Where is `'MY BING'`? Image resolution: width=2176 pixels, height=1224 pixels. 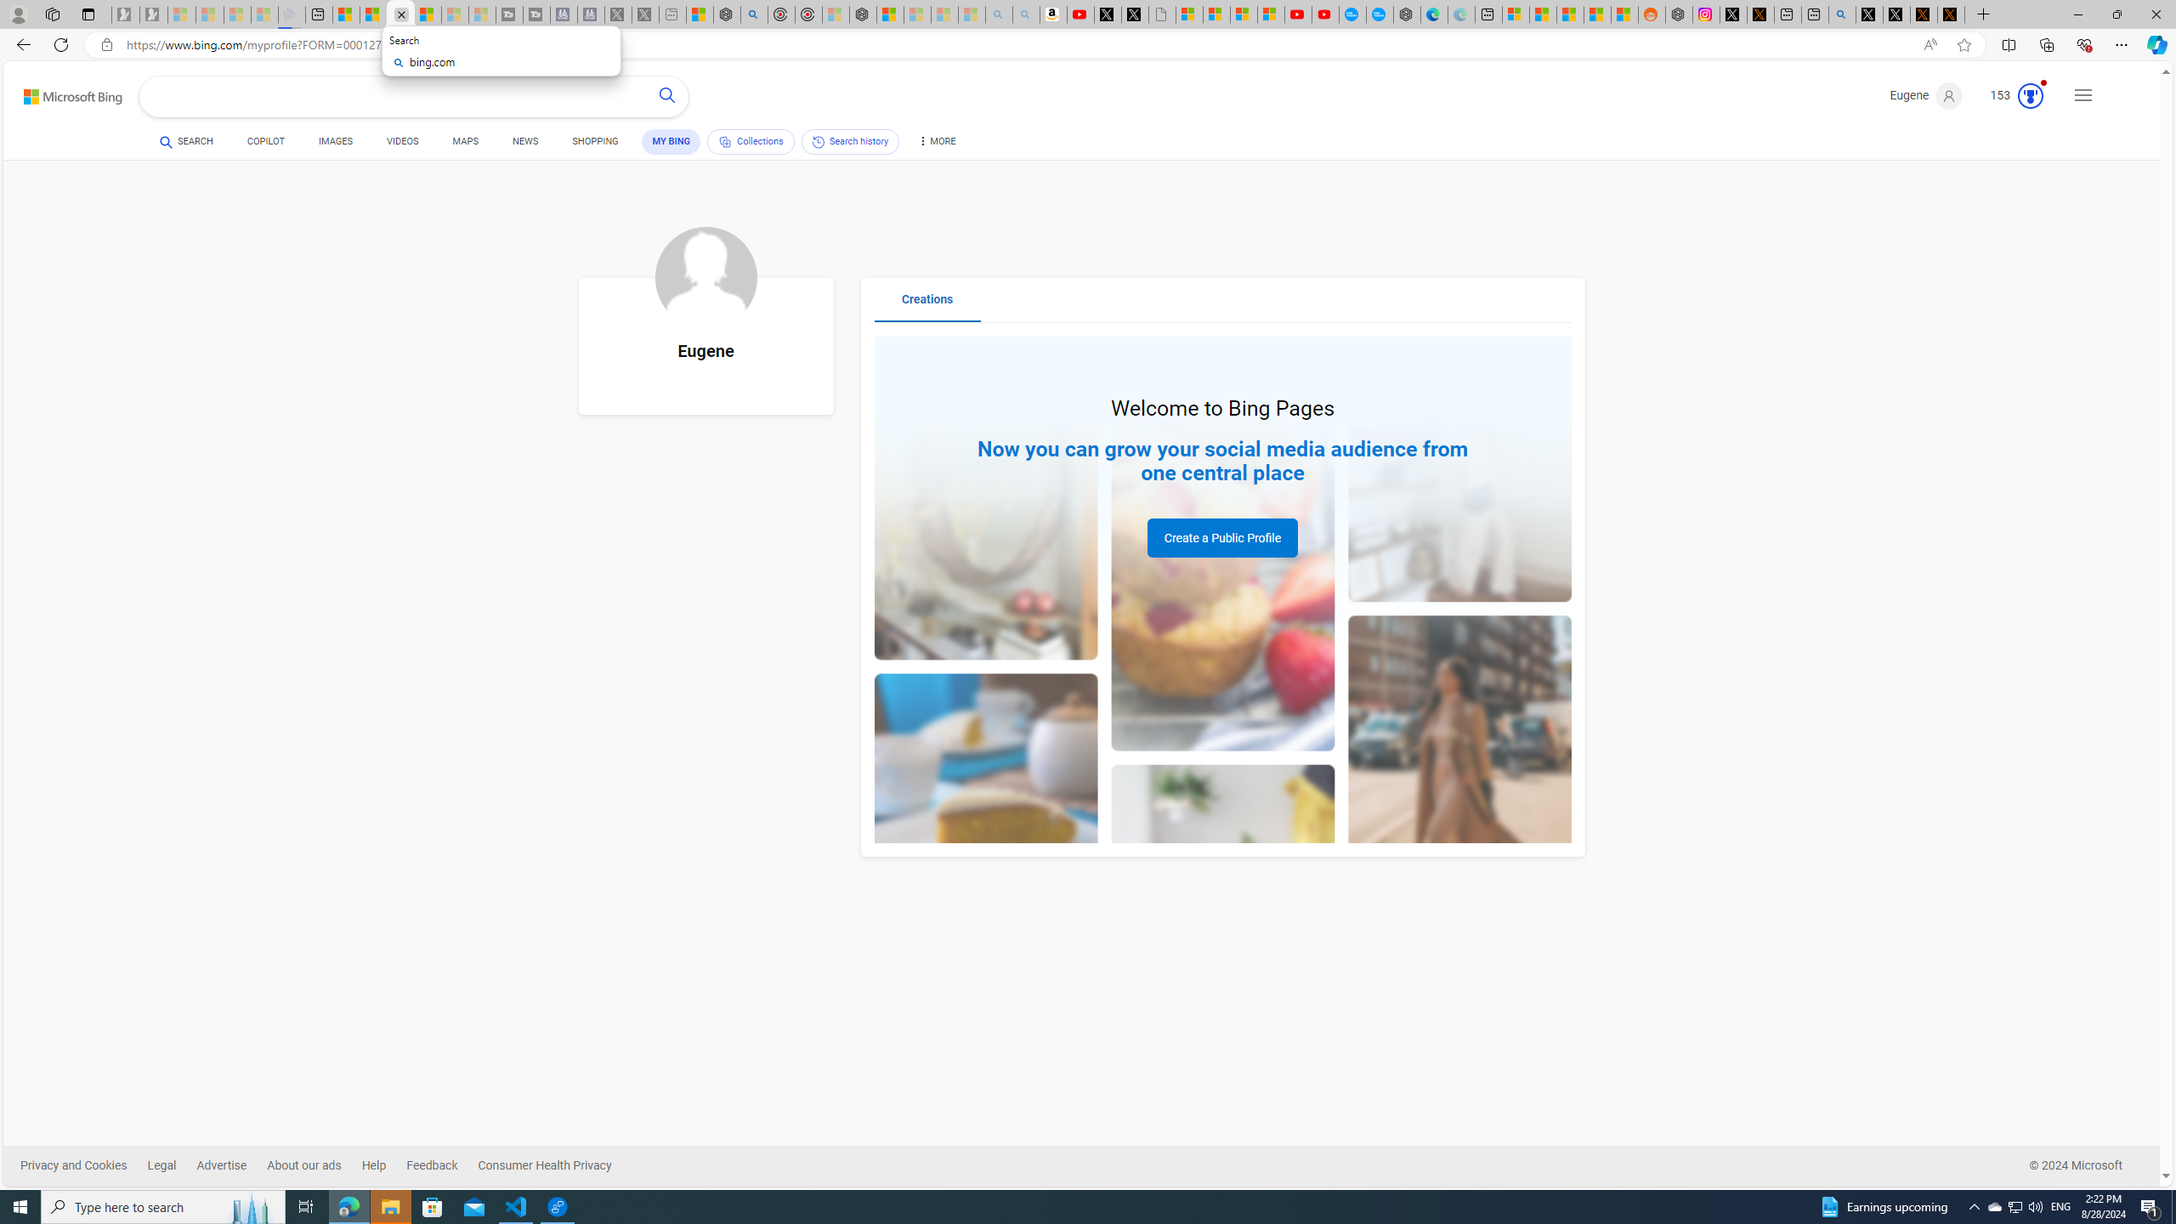
'MY BING' is located at coordinates (670, 141).